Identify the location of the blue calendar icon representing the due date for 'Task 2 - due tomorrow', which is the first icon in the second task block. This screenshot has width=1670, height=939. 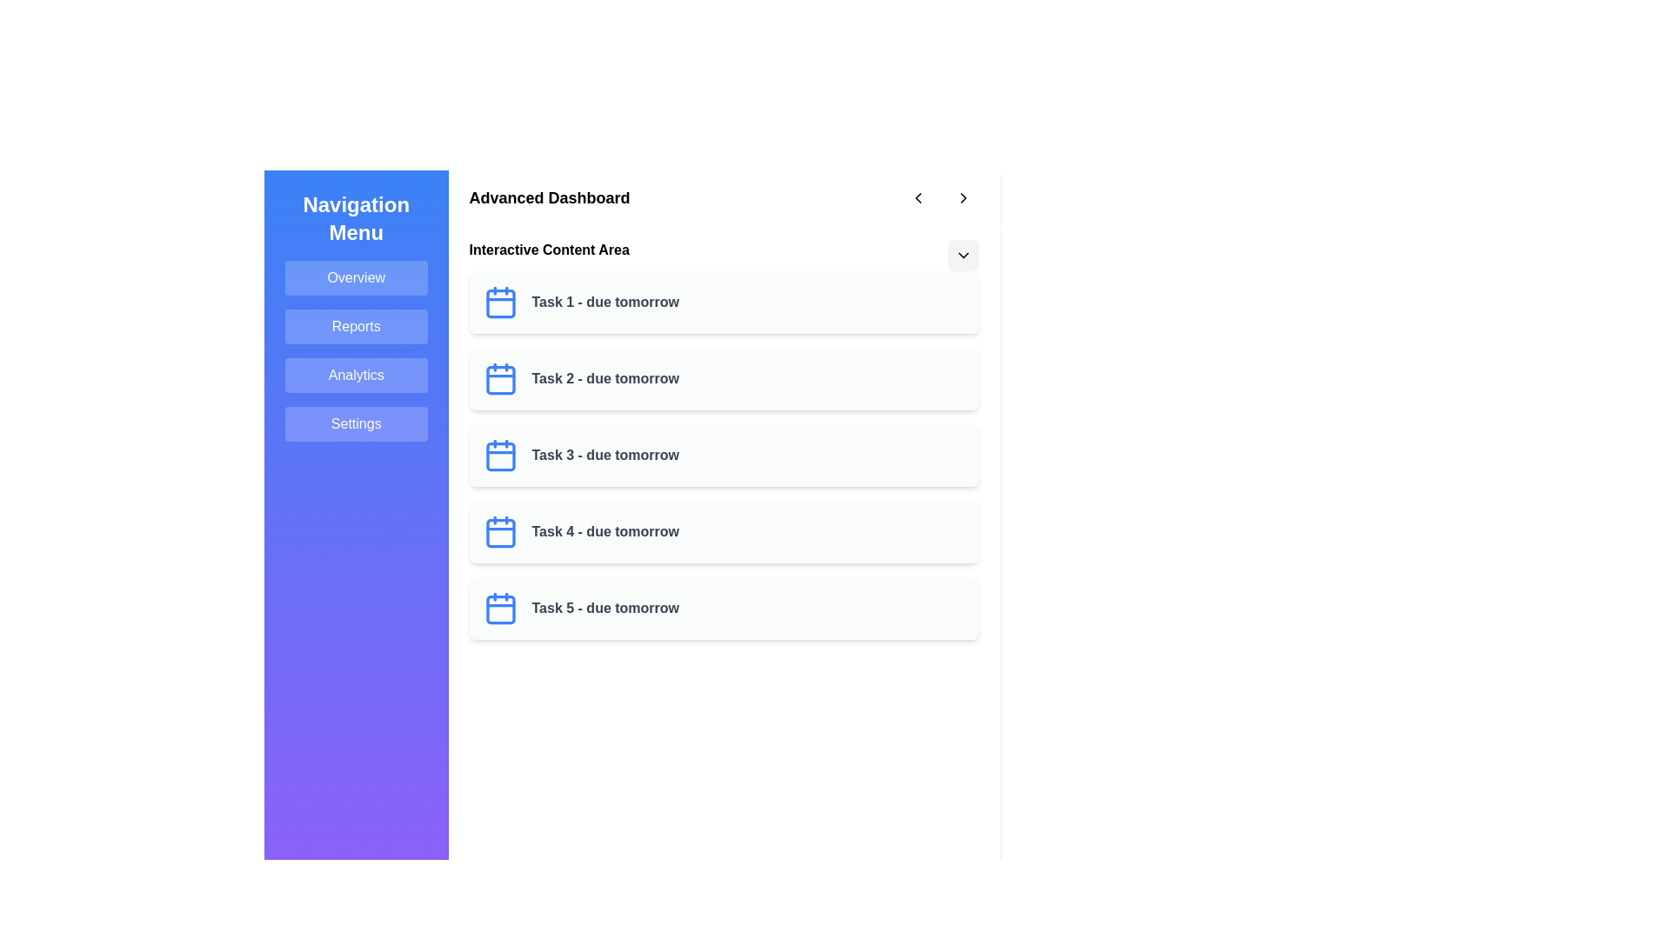
(499, 377).